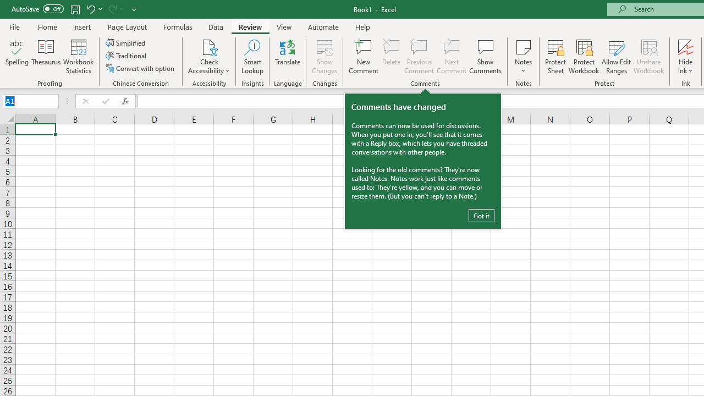  I want to click on 'Notes', so click(522, 57).